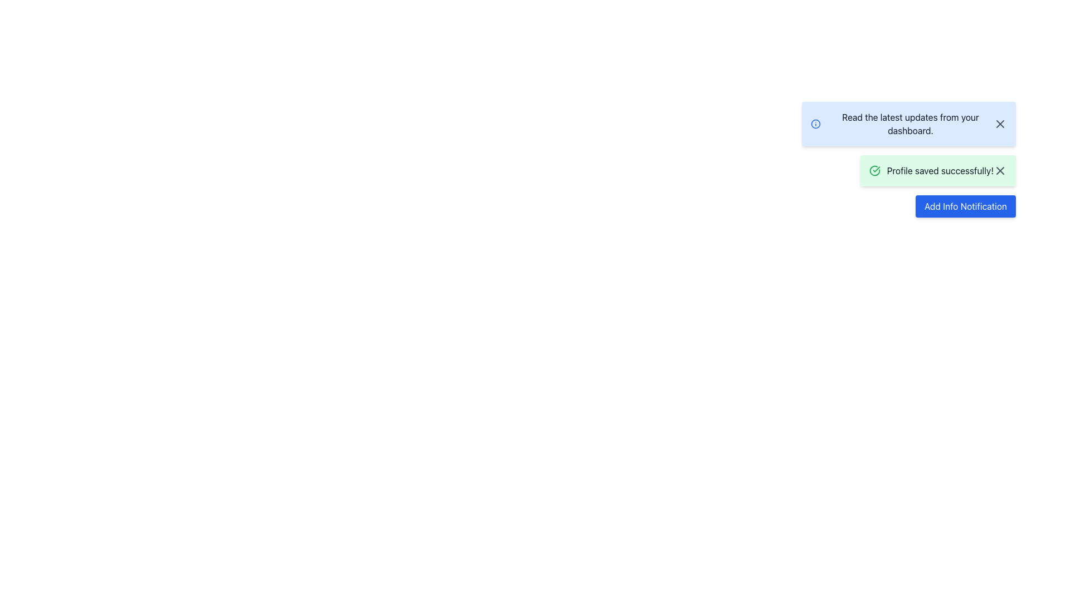 Image resolution: width=1070 pixels, height=601 pixels. I want to click on the notification box text to read the update message displayed, so click(909, 124).